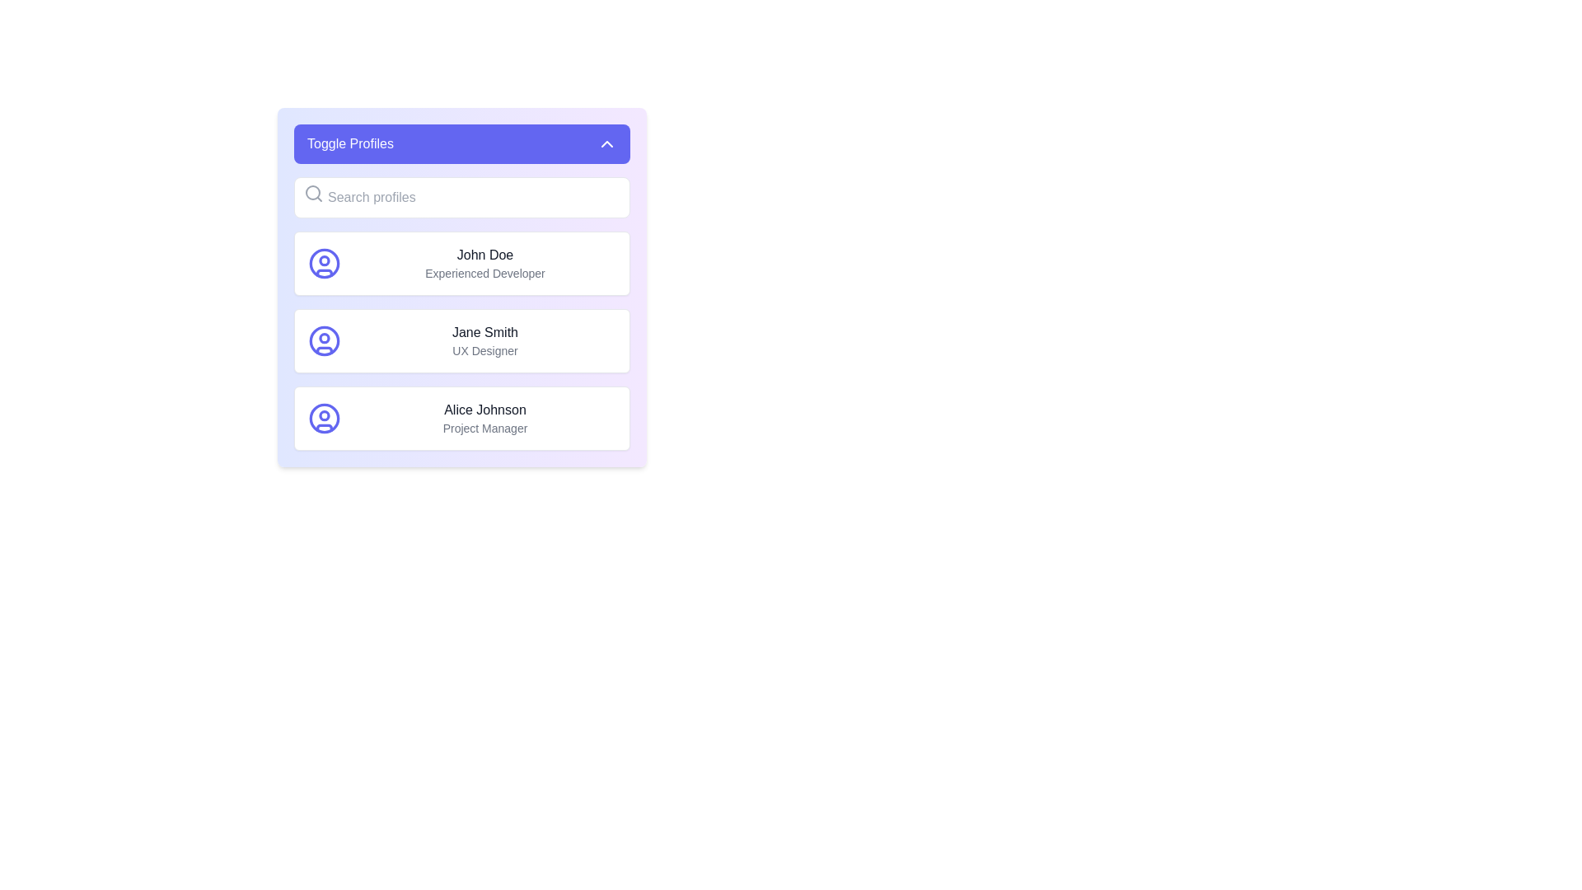 This screenshot has height=890, width=1582. Describe the element at coordinates (484, 263) in the screenshot. I see `the text label displaying the user's name and title in the first profile card on the center-right side, located to the right of the circular user icon` at that location.